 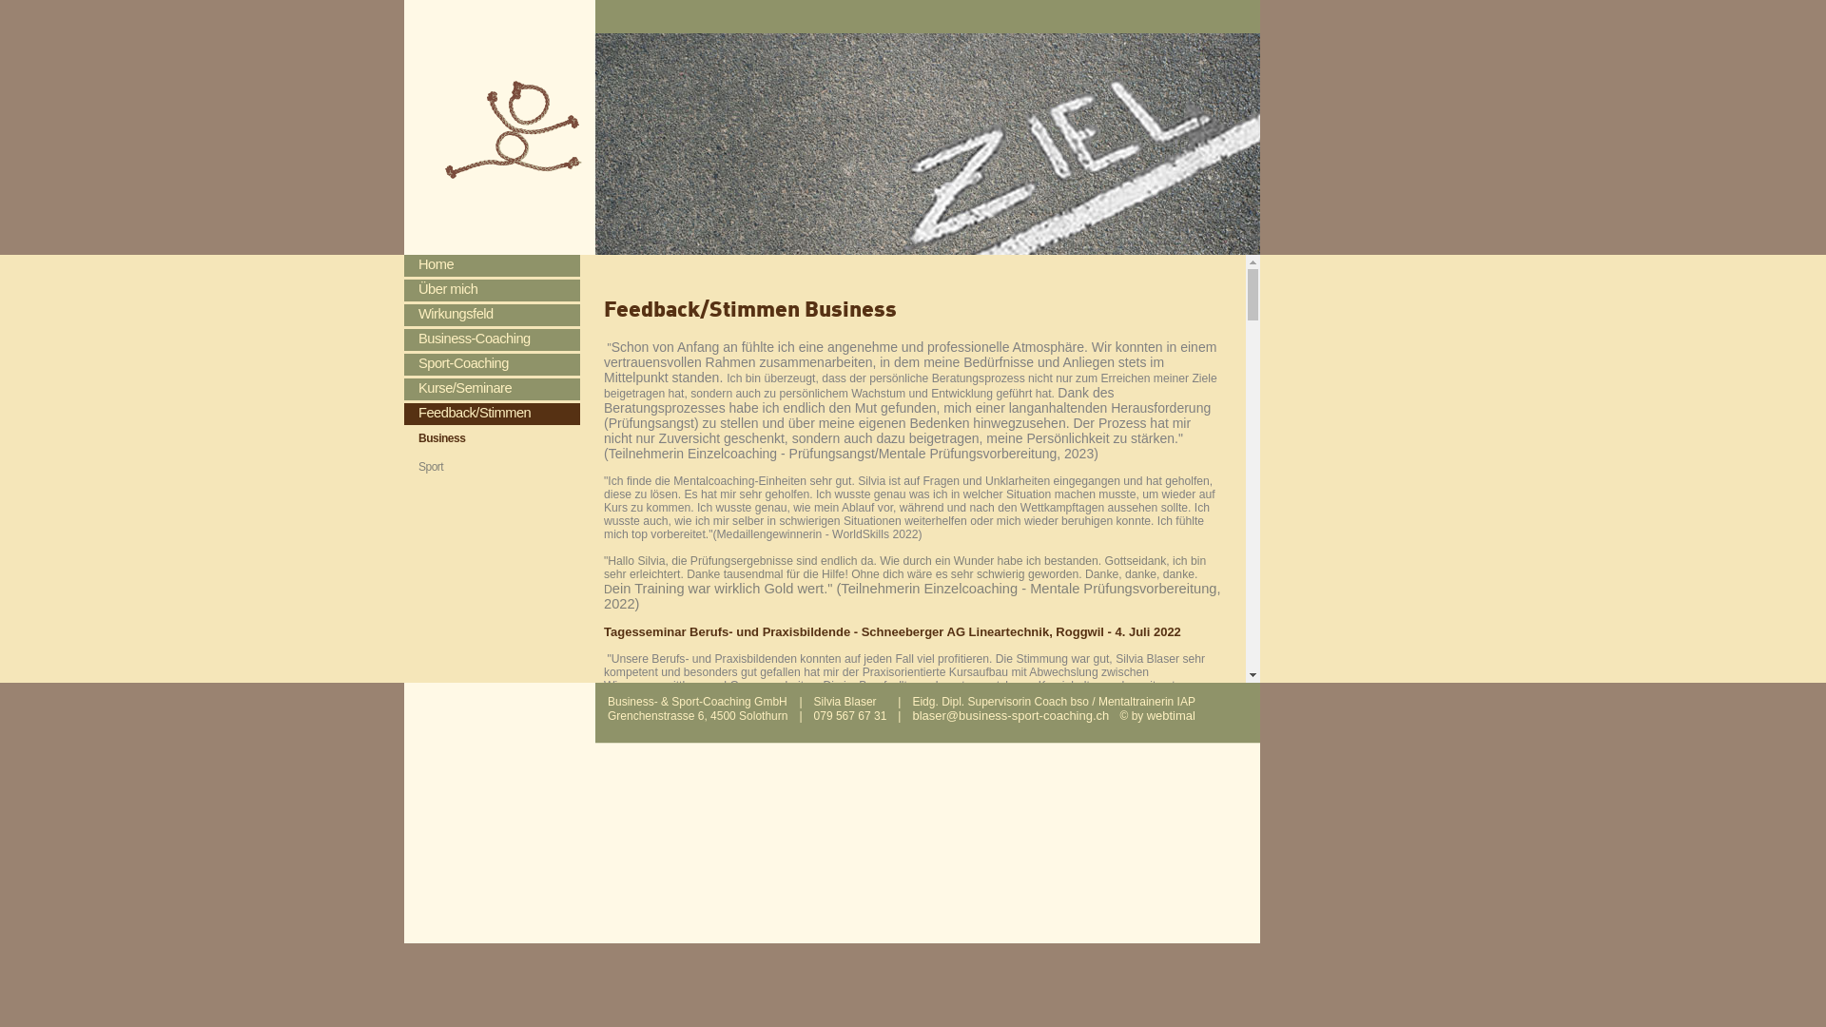 What do you see at coordinates (1009, 712) in the screenshot?
I see `'blaser@business-sport-coaching.ch'` at bounding box center [1009, 712].